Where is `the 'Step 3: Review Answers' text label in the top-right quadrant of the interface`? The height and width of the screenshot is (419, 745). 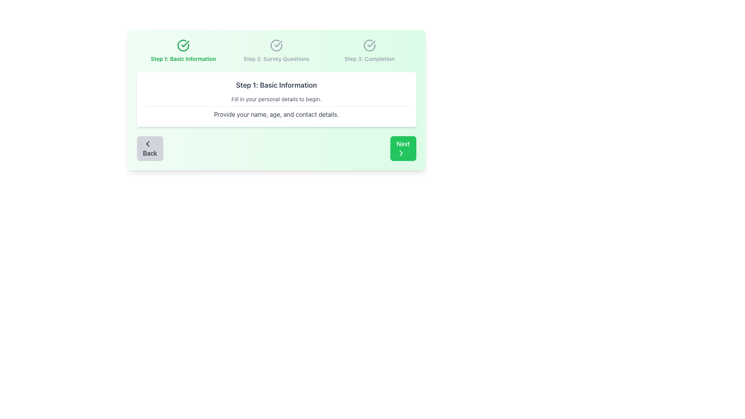
the 'Step 3: Review Answers' text label in the top-right quadrant of the interface is located at coordinates (369, 58).